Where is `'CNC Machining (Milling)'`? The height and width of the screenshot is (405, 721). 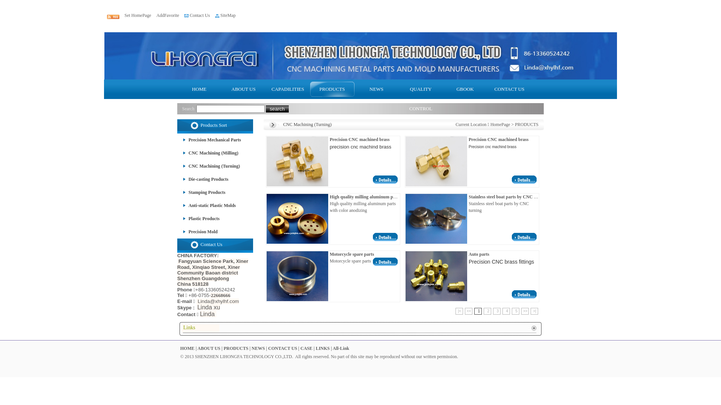
'CNC Machining (Milling)' is located at coordinates (208, 153).